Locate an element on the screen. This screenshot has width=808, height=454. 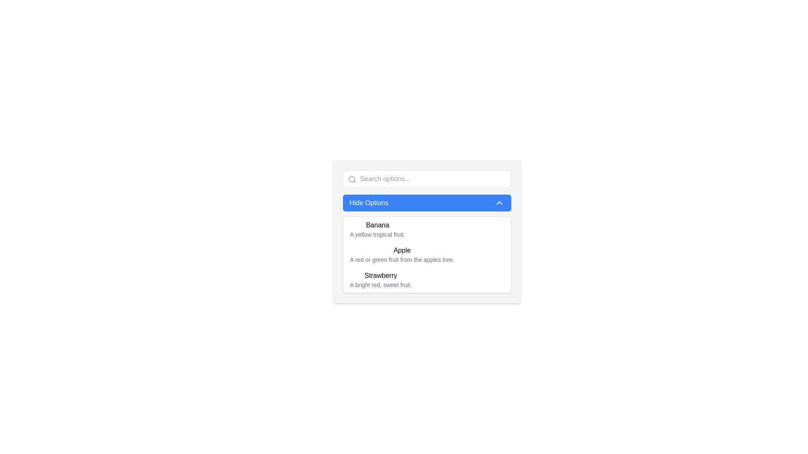
the text label that identifies the fruit item as 'Apple', which serves as a header in the vertical list of fruit entries is located at coordinates (401, 250).